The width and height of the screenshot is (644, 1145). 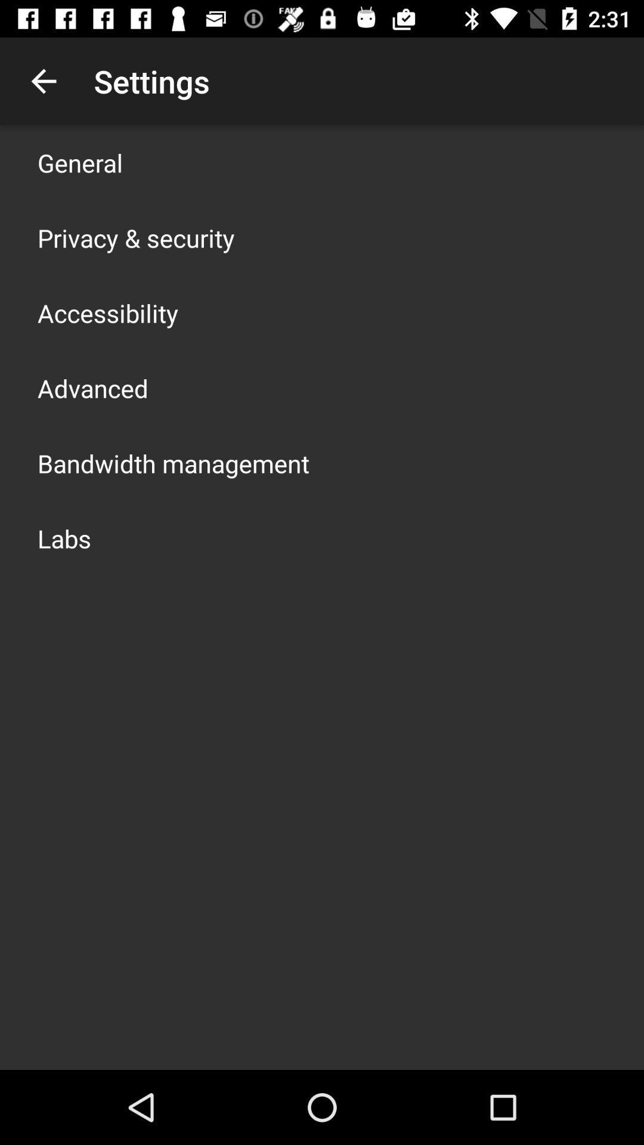 What do you see at coordinates (64, 537) in the screenshot?
I see `labs` at bounding box center [64, 537].